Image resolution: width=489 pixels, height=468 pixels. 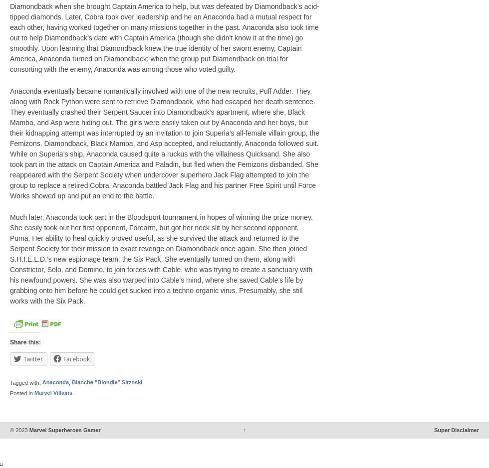 What do you see at coordinates (55, 381) in the screenshot?
I see `'Anaconda'` at bounding box center [55, 381].